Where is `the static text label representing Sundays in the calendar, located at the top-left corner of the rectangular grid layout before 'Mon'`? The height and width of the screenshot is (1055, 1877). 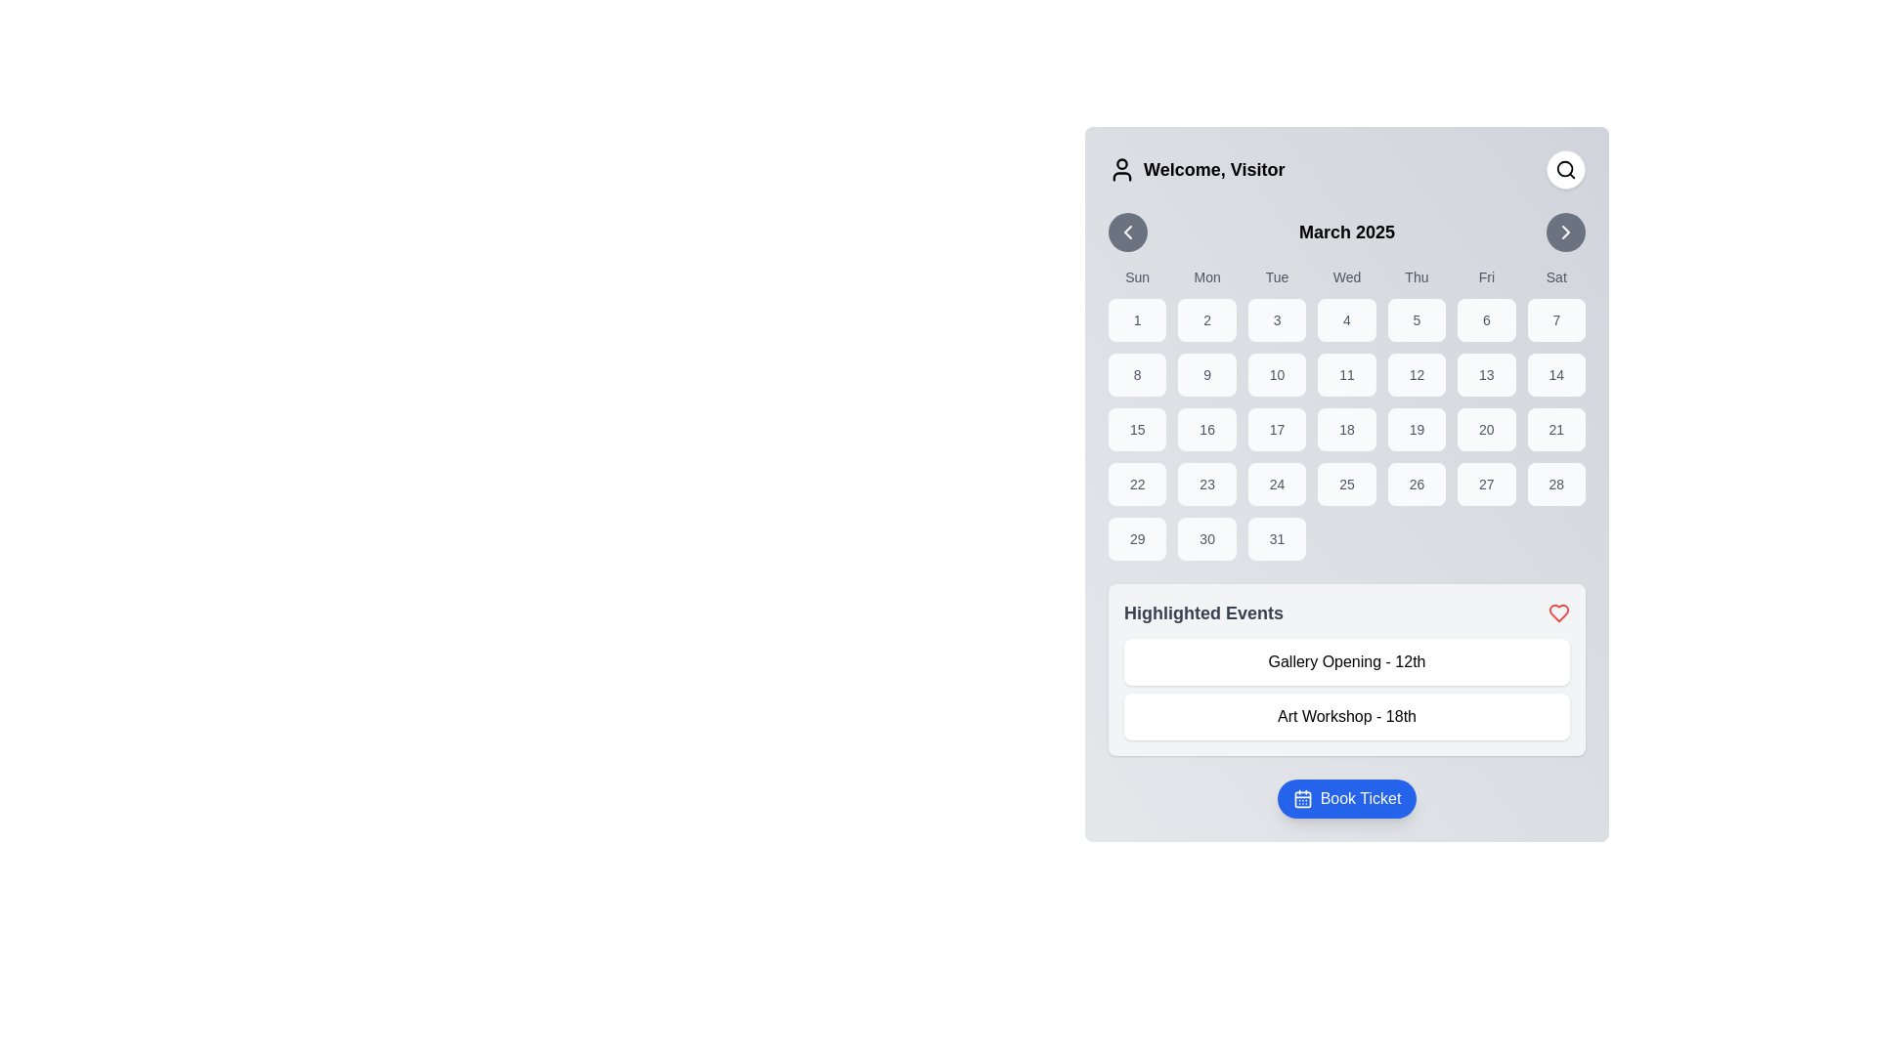
the static text label representing Sundays in the calendar, located at the top-left corner of the rectangular grid layout before 'Mon' is located at coordinates (1137, 277).